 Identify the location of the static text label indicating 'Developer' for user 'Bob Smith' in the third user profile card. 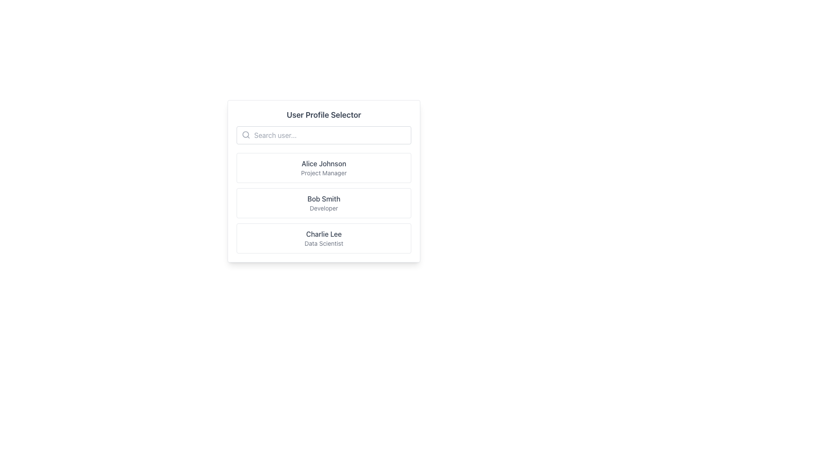
(324, 208).